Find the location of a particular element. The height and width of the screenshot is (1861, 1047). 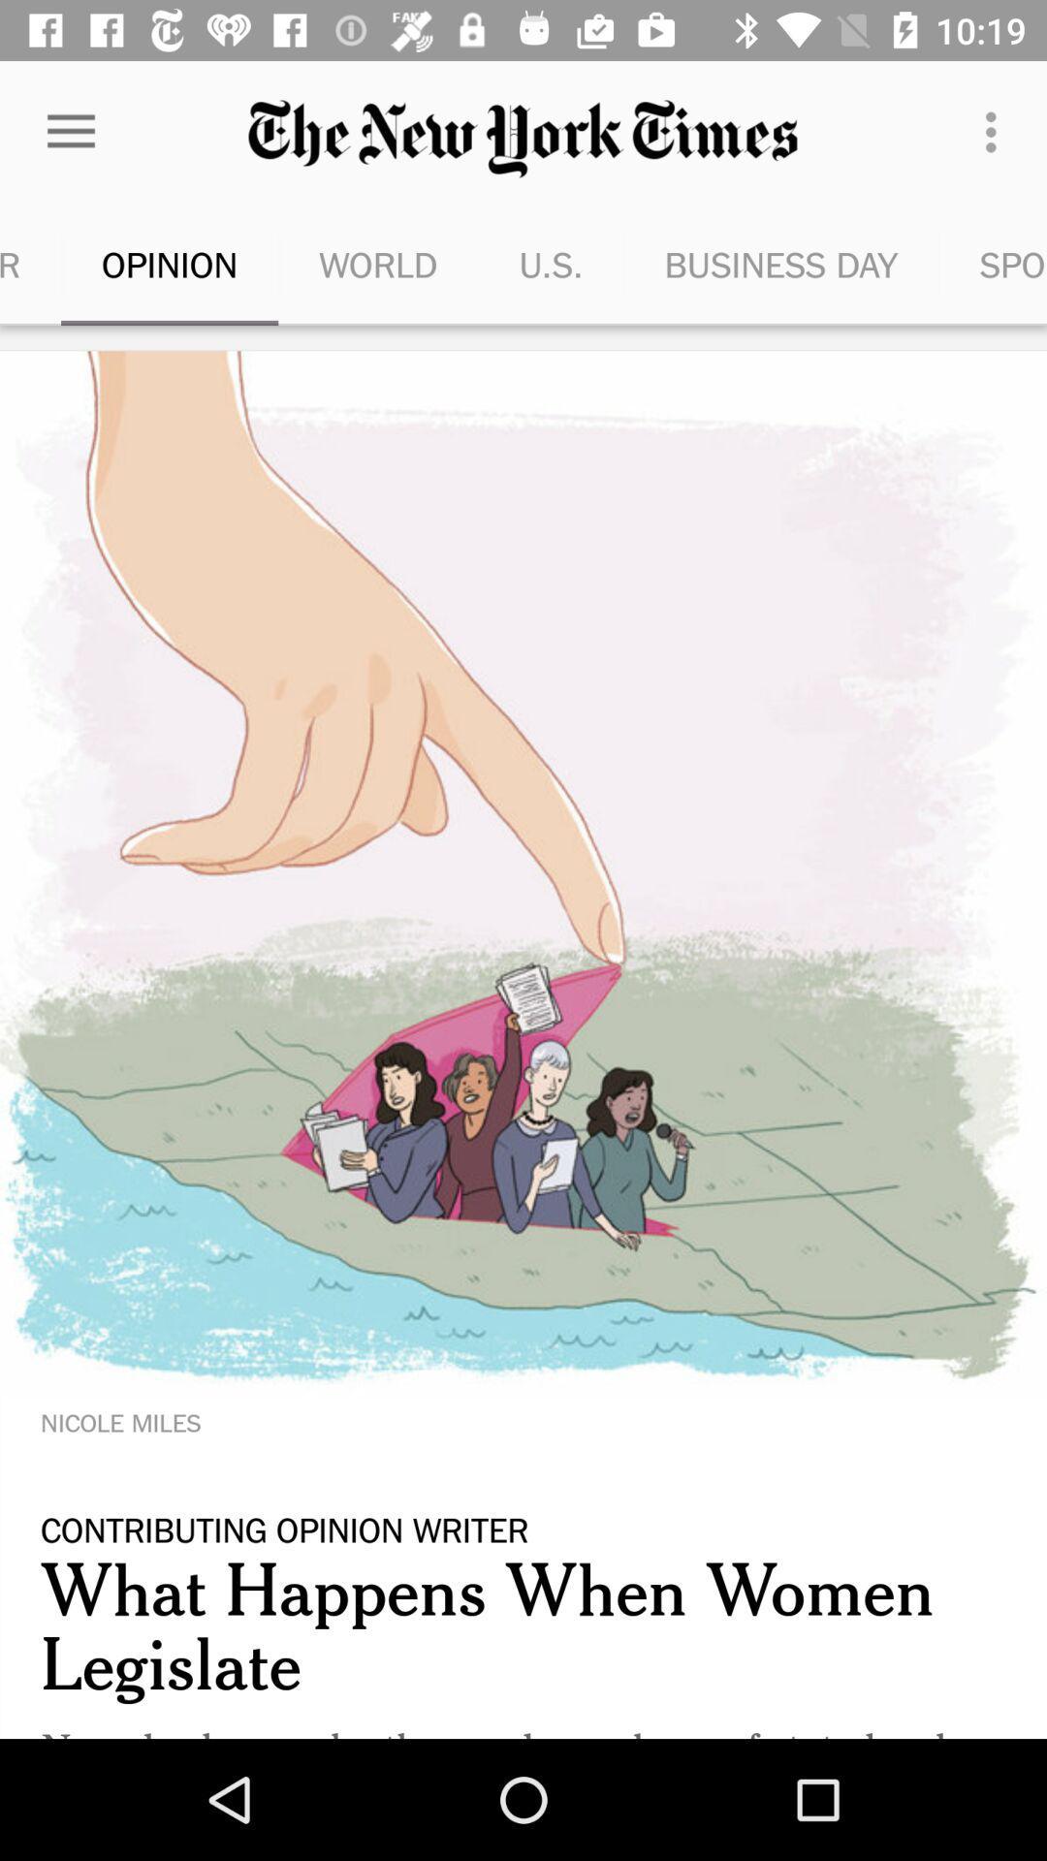

the item to the left of u.s. icon is located at coordinates (378, 264).